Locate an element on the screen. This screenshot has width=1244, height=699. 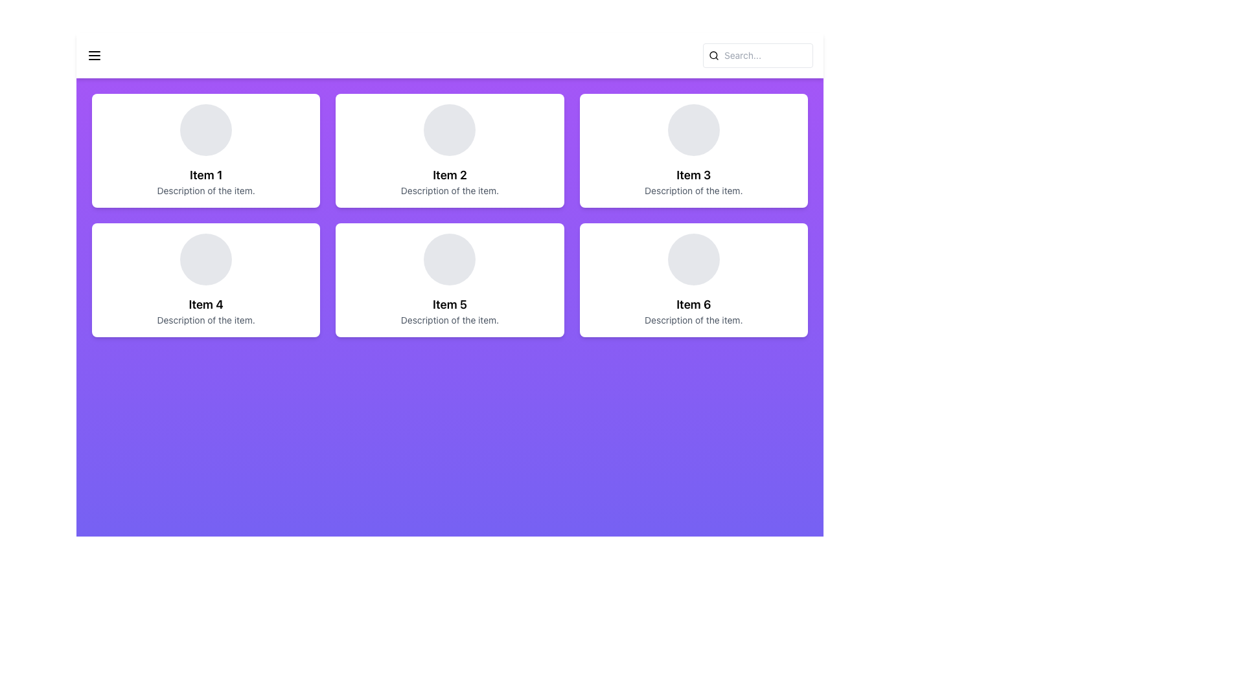
the circular placeholder element with a gray background located at the top-center of the card labeled 'Item 1' in the top-left corner of the grid is located at coordinates (205, 129).